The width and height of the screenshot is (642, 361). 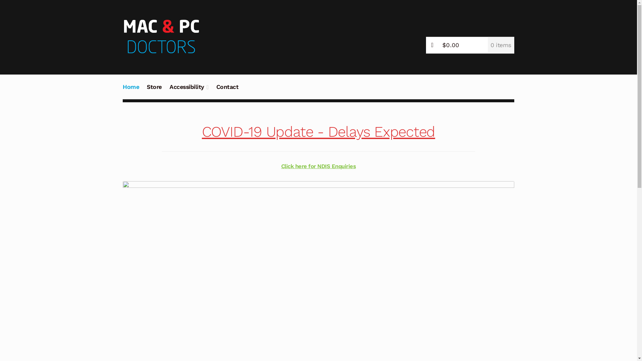 I want to click on 'Home', so click(x=131, y=91).